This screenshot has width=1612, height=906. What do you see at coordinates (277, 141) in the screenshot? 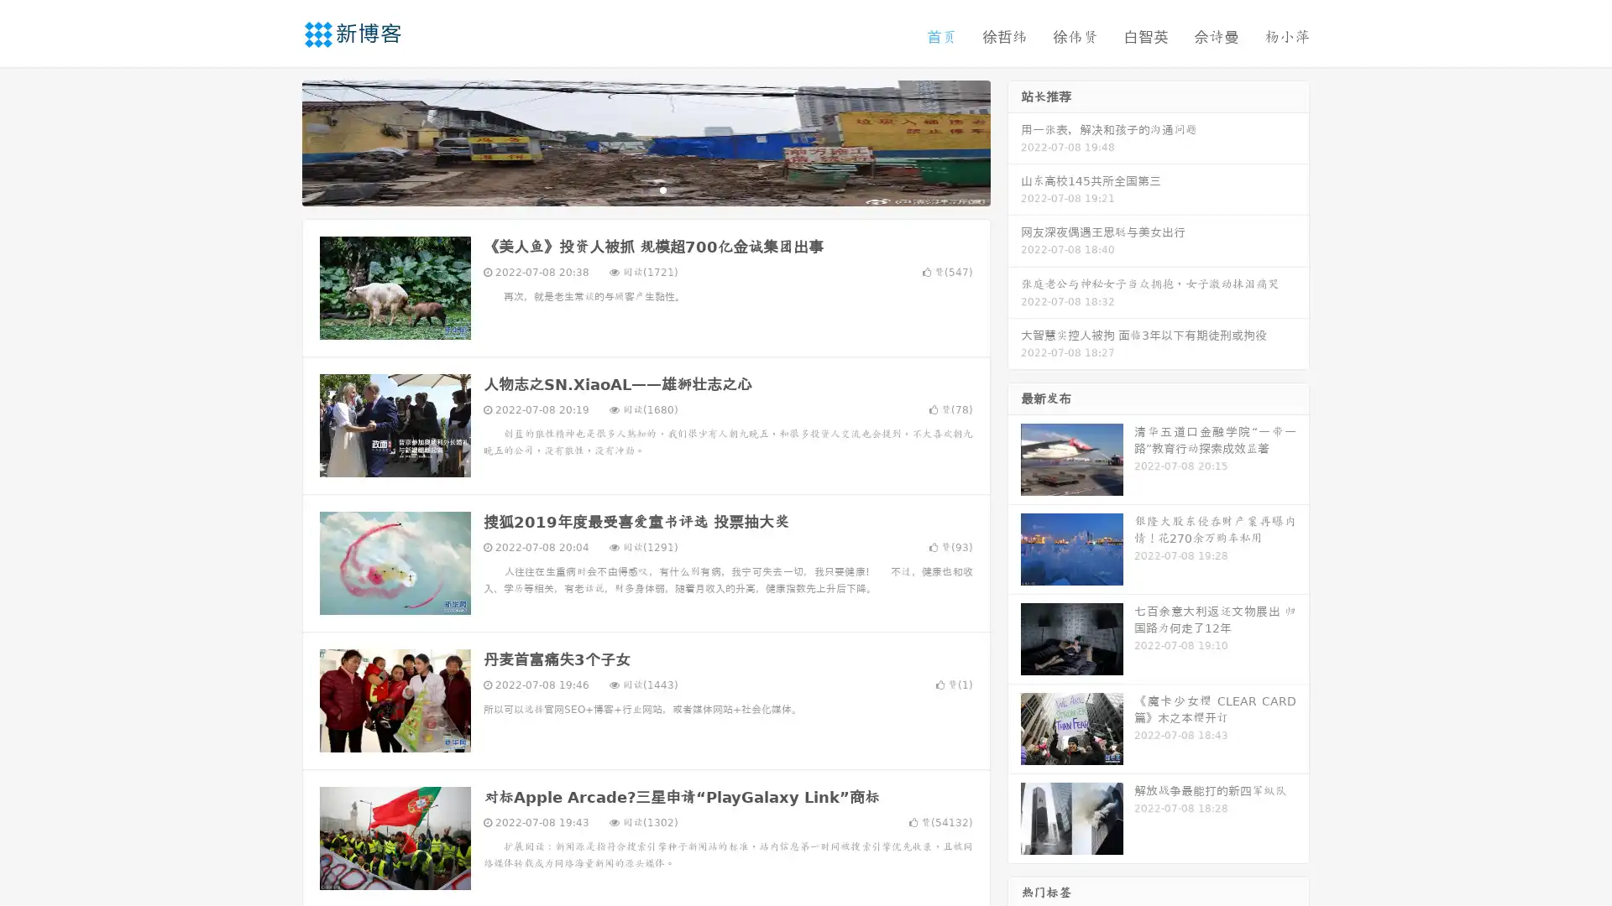
I see `Previous slide` at bounding box center [277, 141].